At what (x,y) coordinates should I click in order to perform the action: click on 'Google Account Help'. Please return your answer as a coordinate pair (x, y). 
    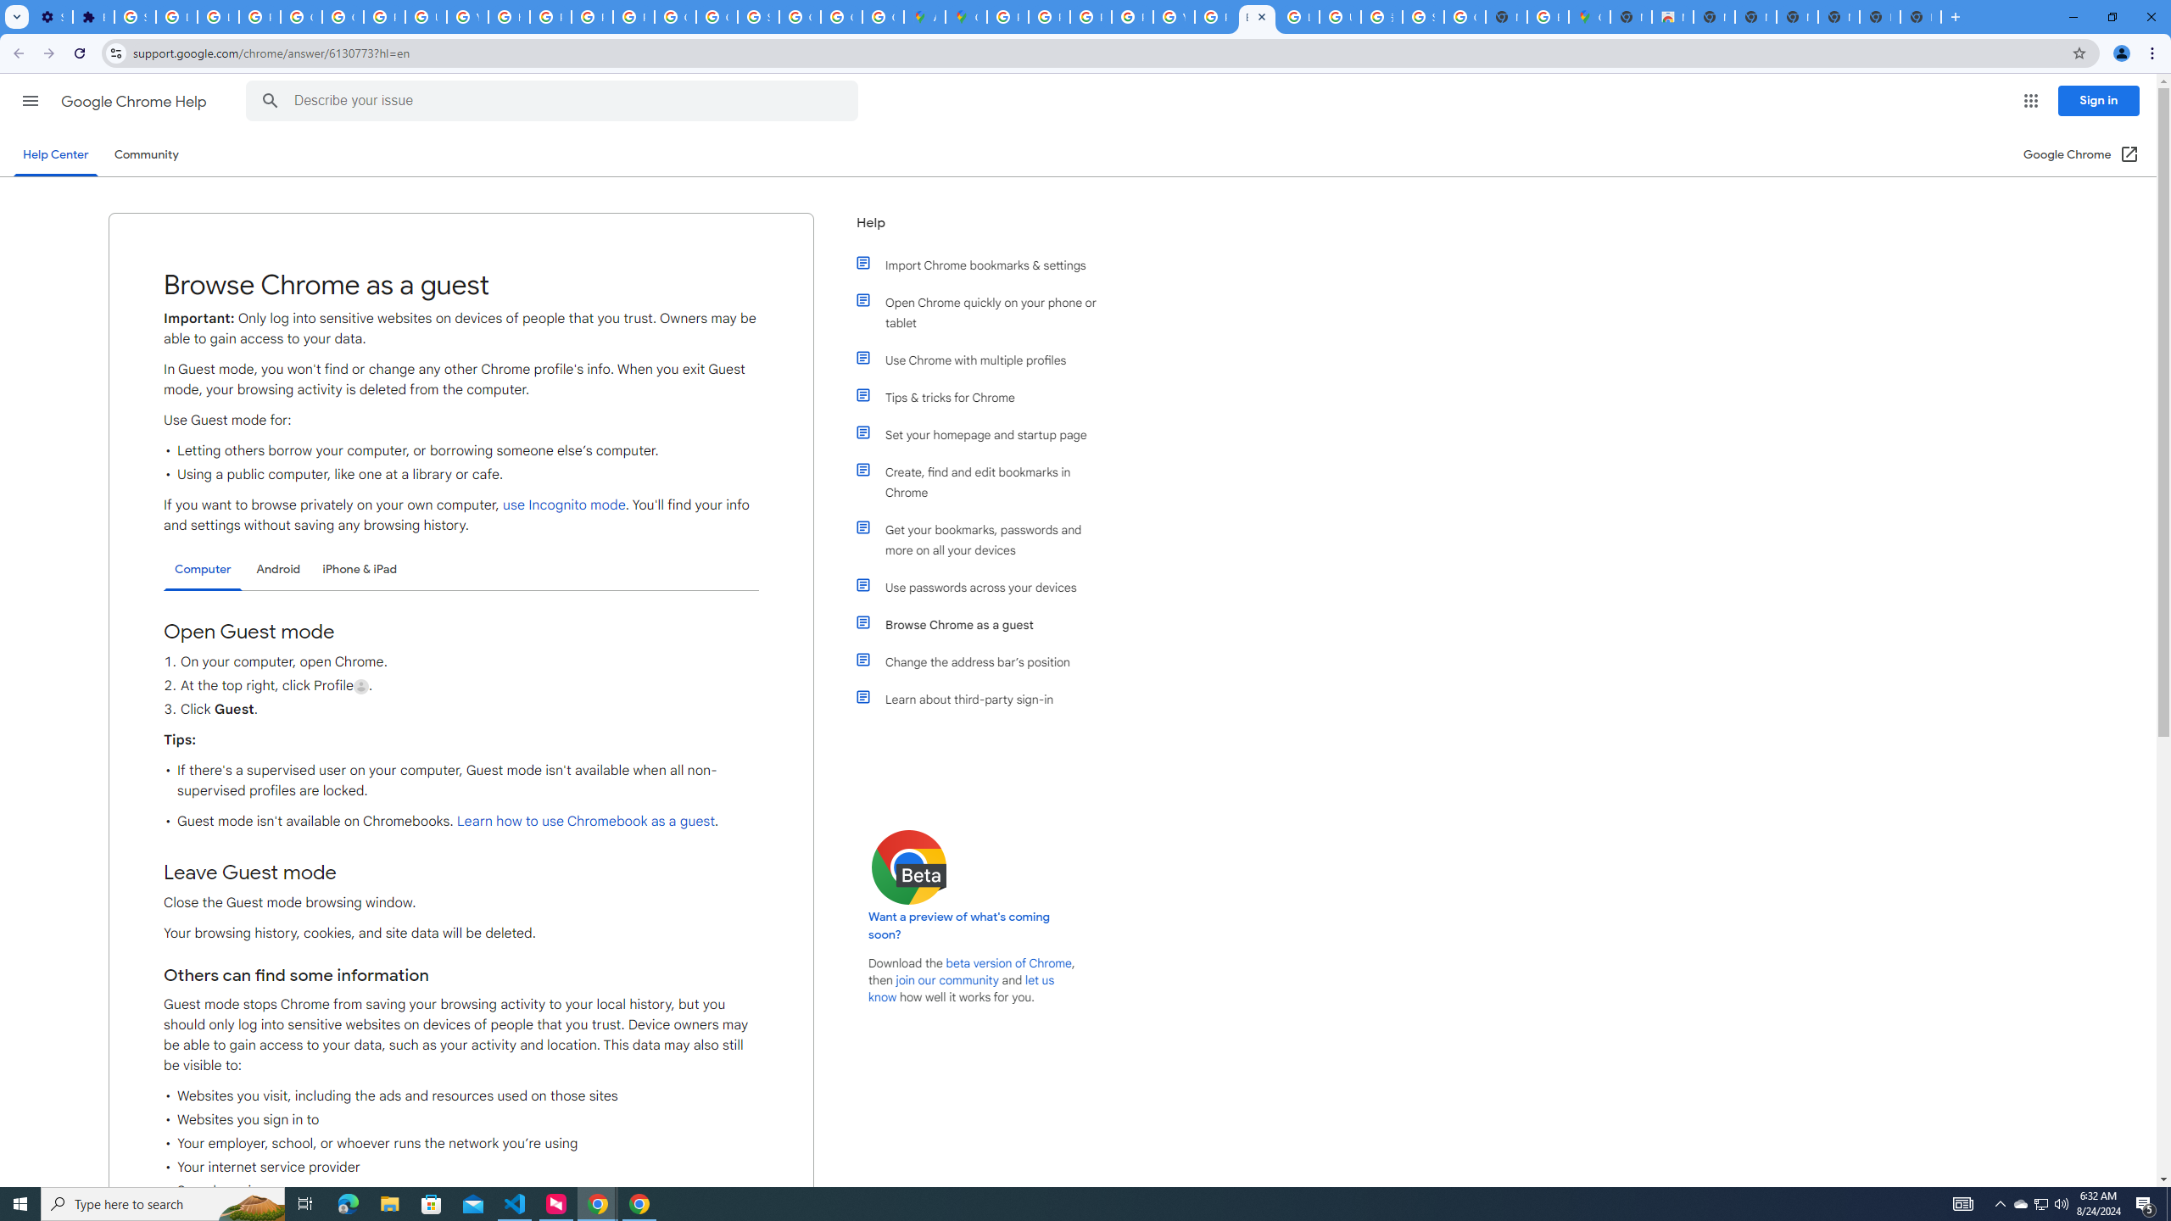
    Looking at the image, I should click on (300, 16).